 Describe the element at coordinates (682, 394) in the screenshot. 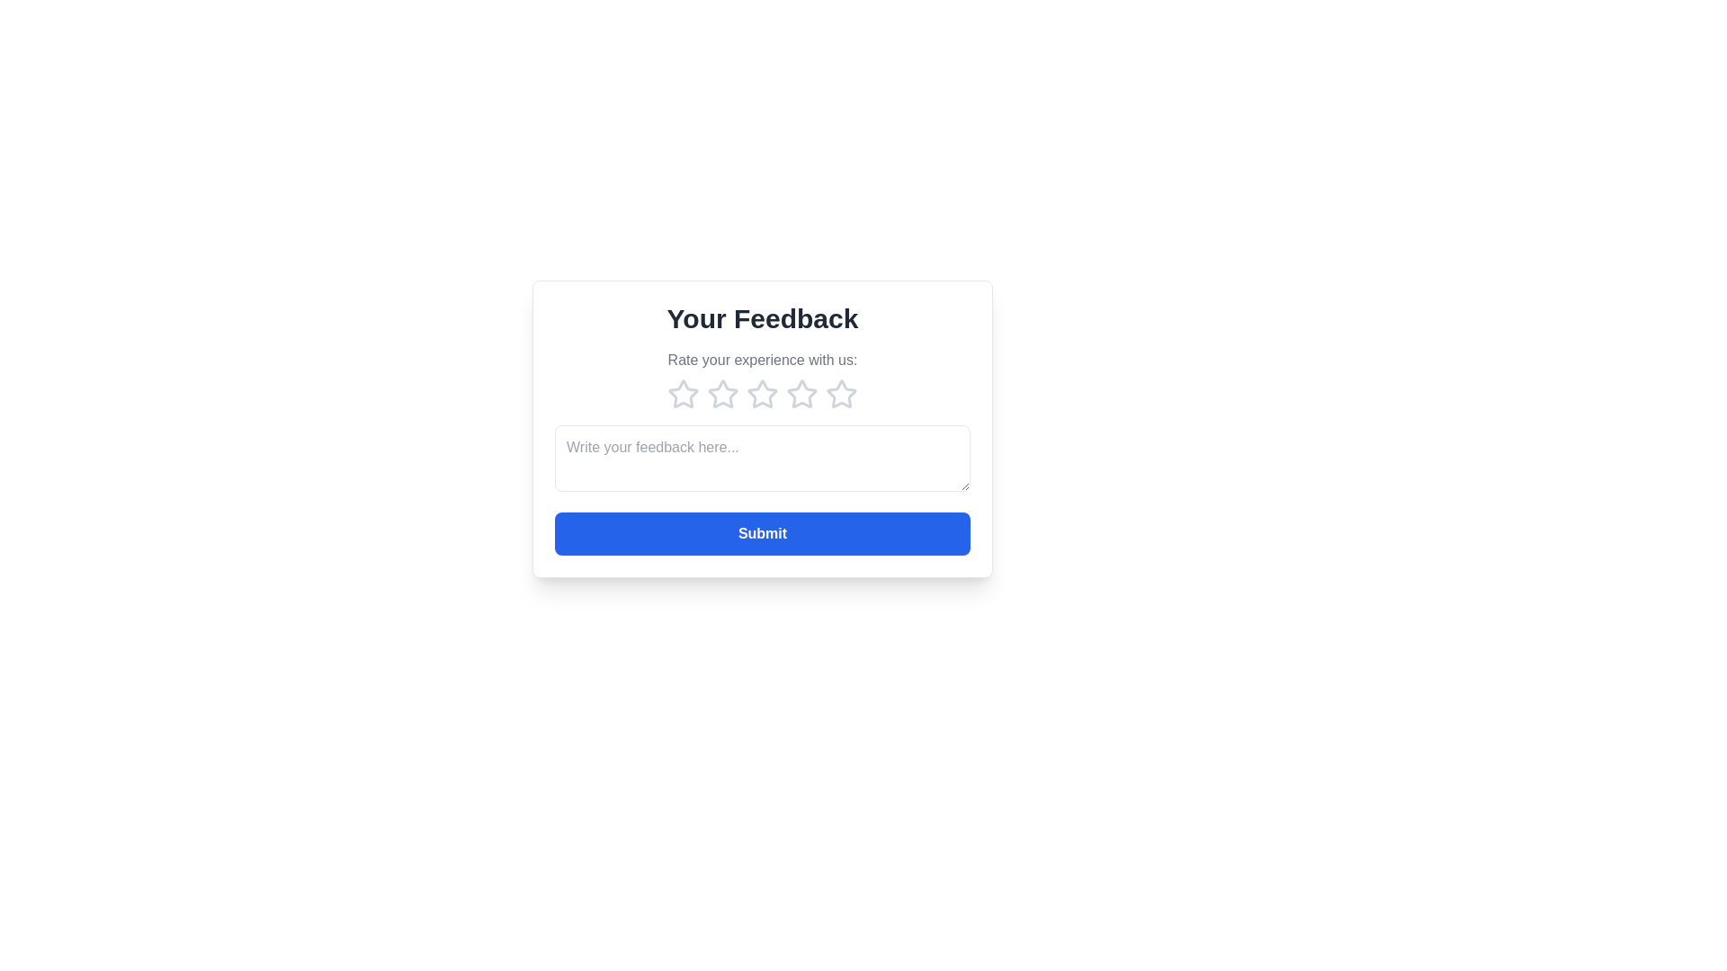

I see `the star corresponding to 1 to set the rating` at that location.